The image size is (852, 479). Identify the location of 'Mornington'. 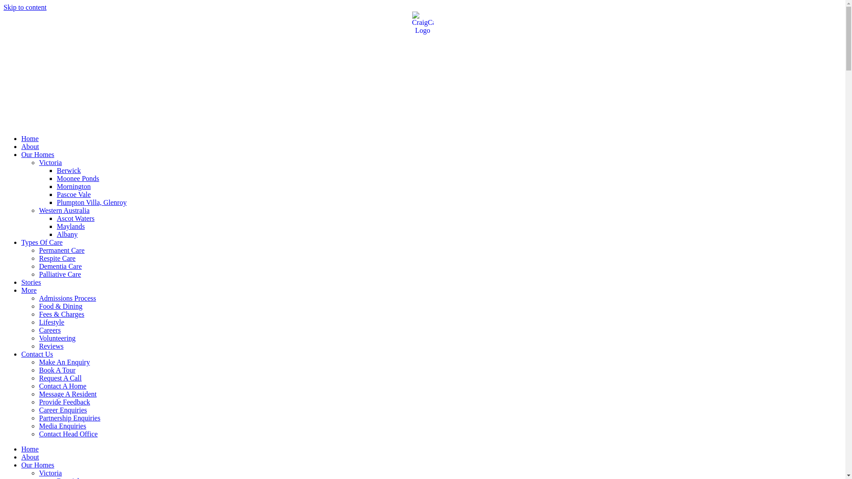
(74, 186).